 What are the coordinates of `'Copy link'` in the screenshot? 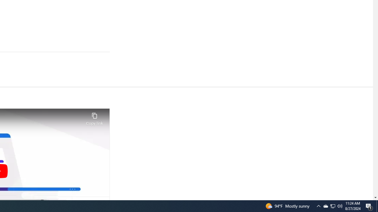 It's located at (94, 117).